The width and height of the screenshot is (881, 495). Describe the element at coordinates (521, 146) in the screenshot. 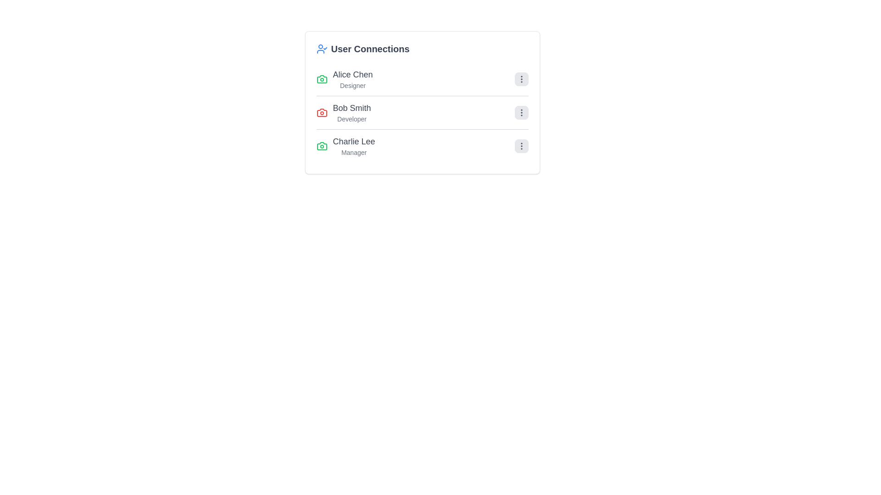

I see `the button located to the right of the name 'Charlie Lee' and the title 'Manager'` at that location.